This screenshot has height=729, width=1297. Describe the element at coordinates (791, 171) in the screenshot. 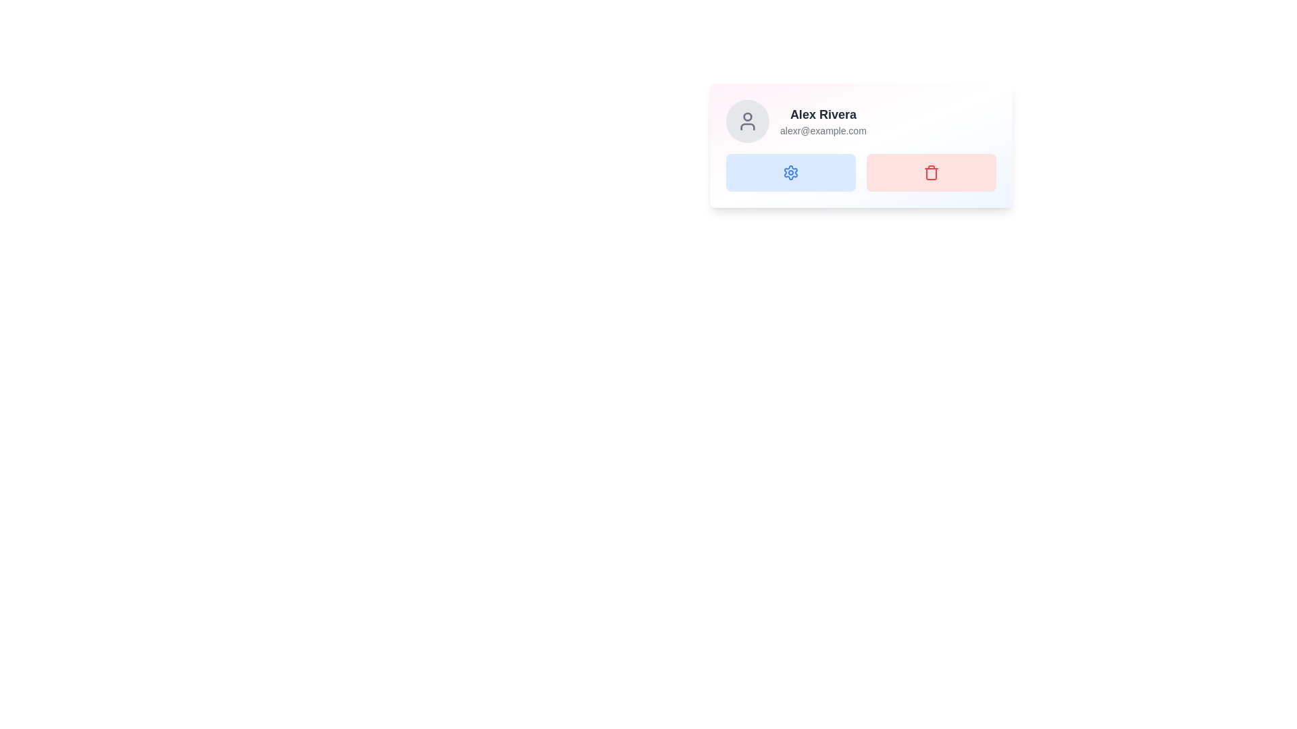

I see `the settings icon button located at the bottom section of the card` at that location.